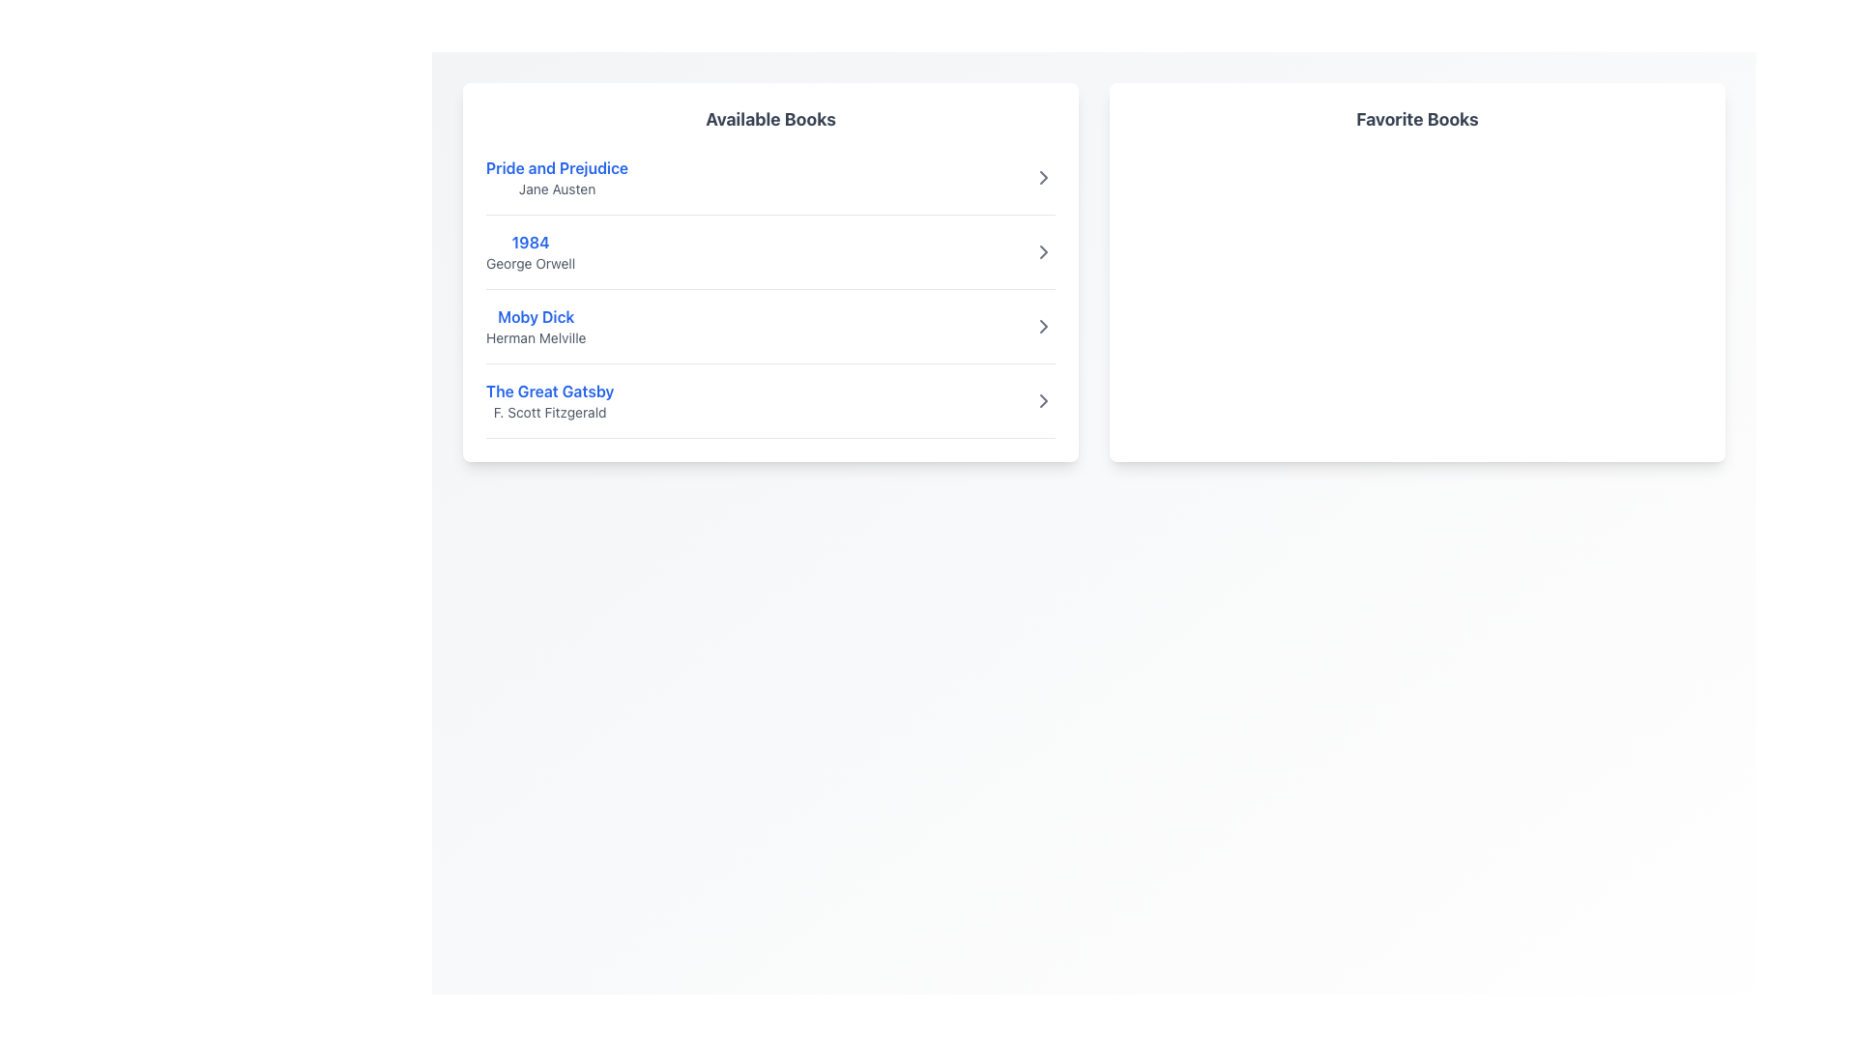 Image resolution: width=1856 pixels, height=1044 pixels. Describe the element at coordinates (1043, 178) in the screenshot. I see `the chevron arrow located on the far right side of the second entry in the 'Available Books' list` at that location.